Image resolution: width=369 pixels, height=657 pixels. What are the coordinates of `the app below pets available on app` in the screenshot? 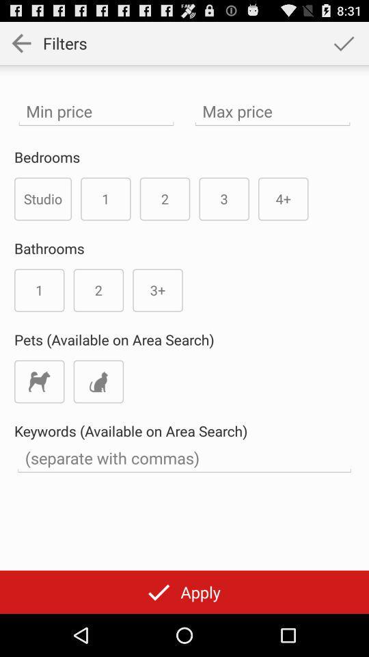 It's located at (98, 381).